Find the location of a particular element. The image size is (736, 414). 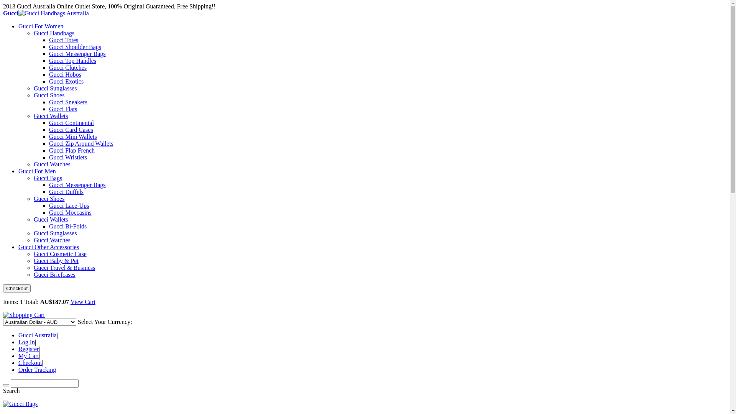

'View Cart' is located at coordinates (83, 301).